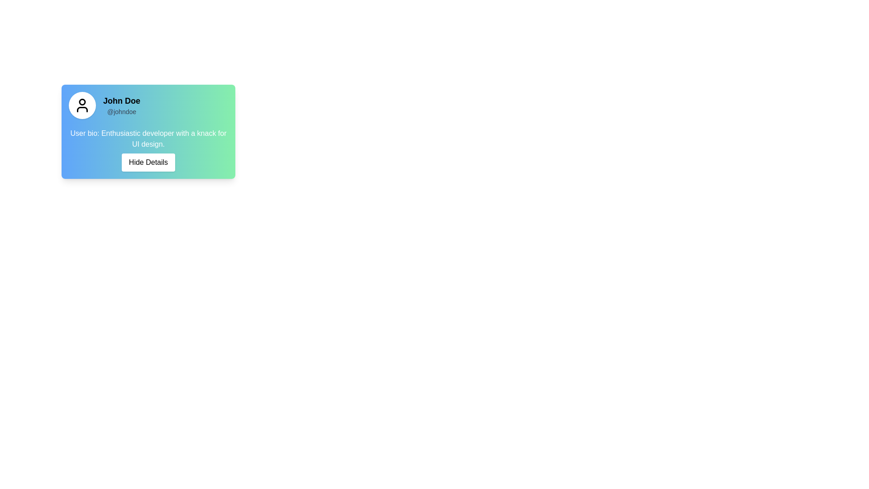  Describe the element at coordinates (148, 149) in the screenshot. I see `the text display area that shows the user's bio and description, located below the user information and above the 'Hide Details' button` at that location.